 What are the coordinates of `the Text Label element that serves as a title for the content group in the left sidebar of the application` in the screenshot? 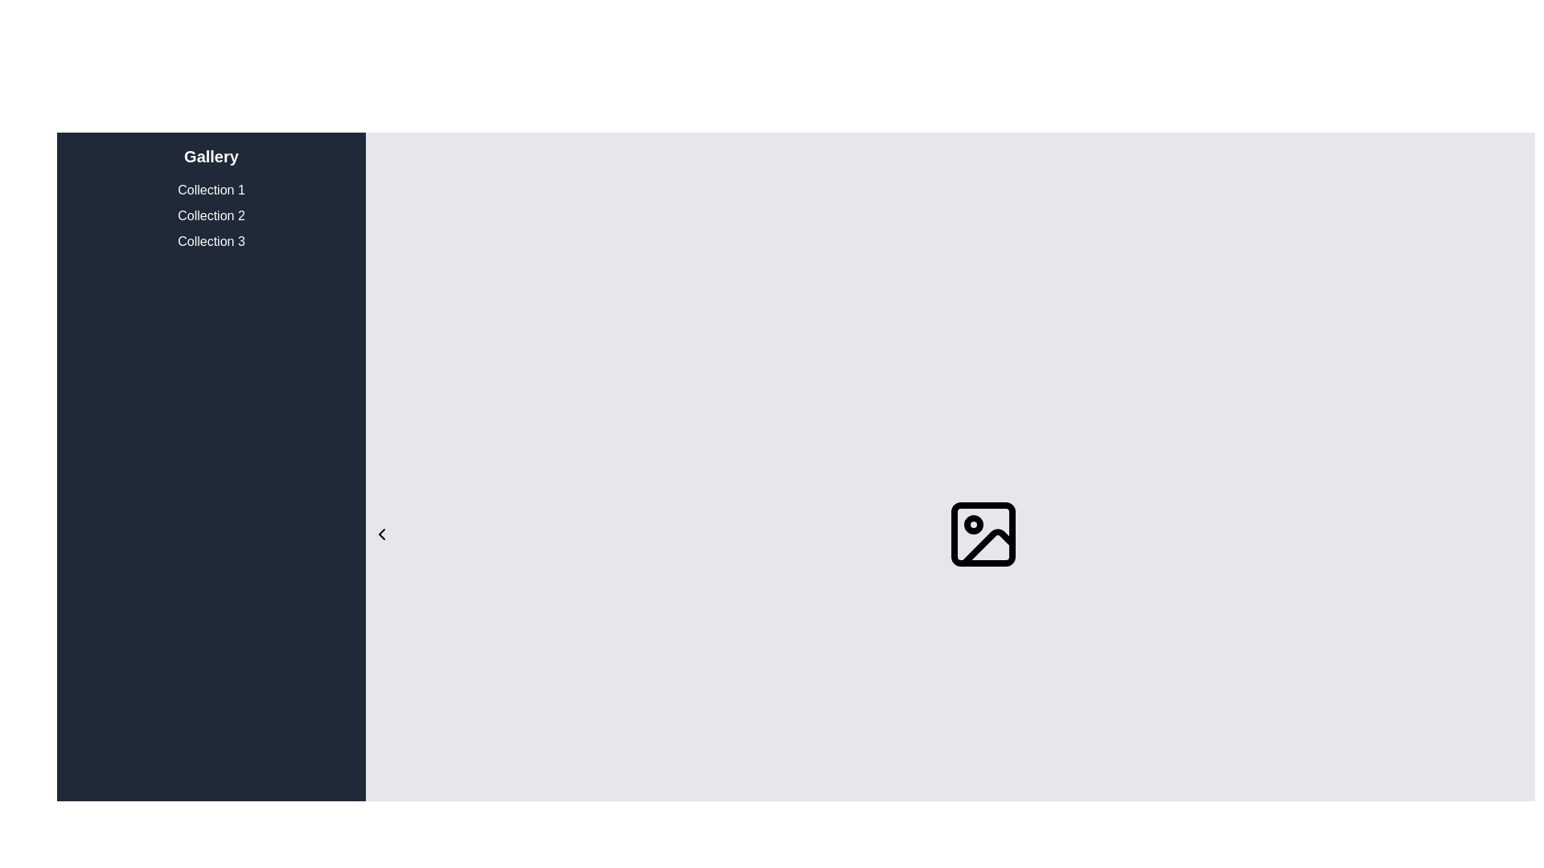 It's located at (211, 157).